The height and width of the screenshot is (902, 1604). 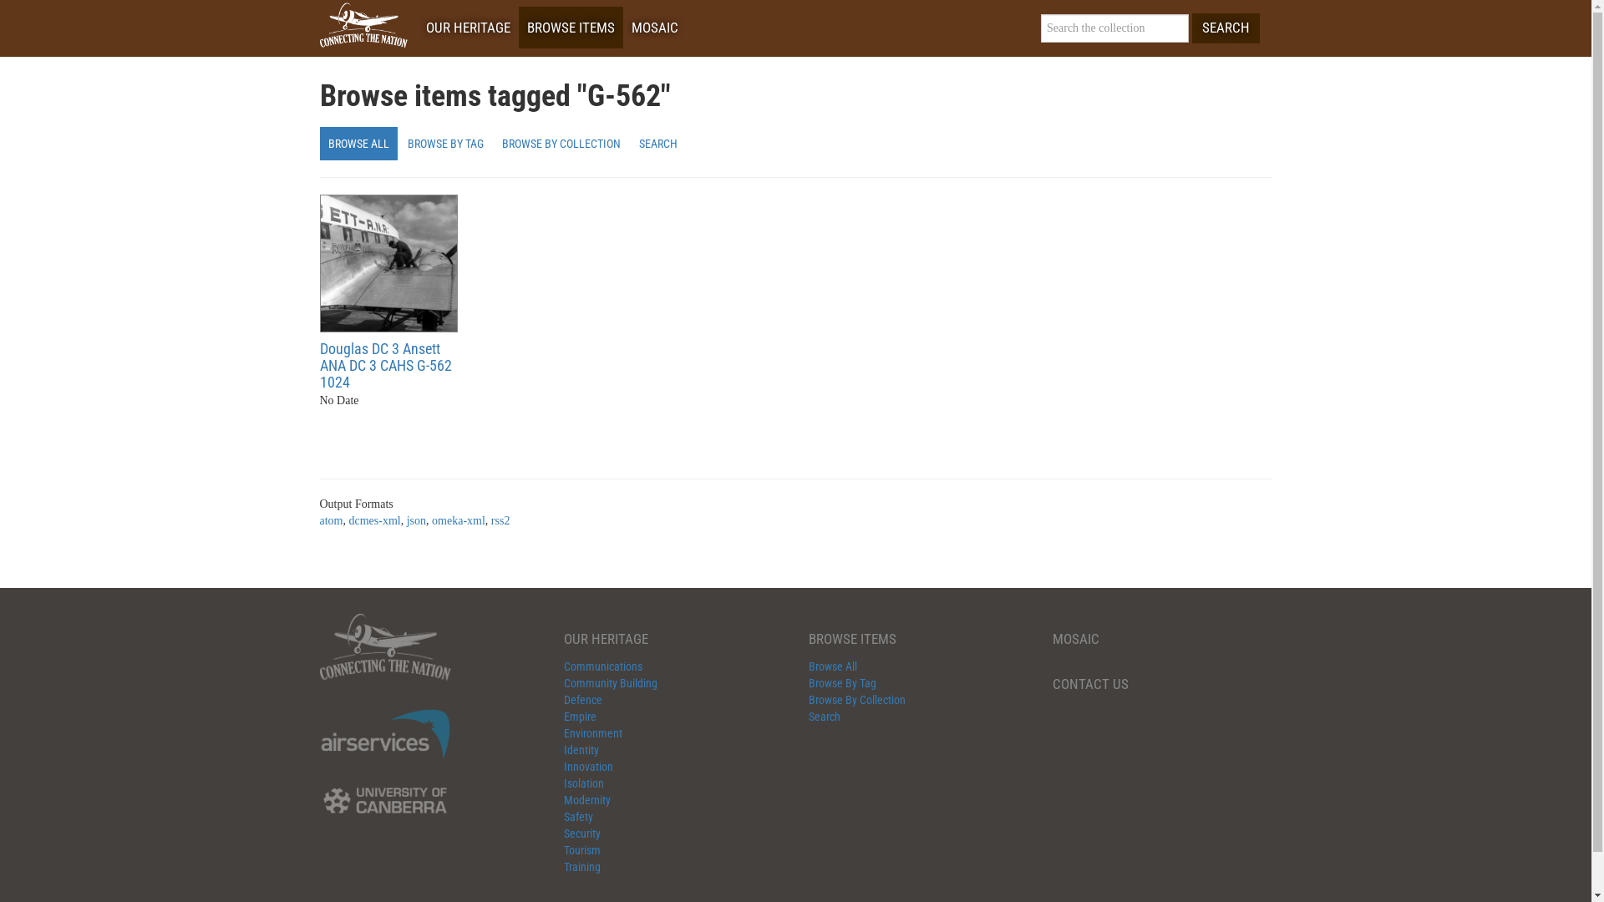 I want to click on 'Identity', so click(x=581, y=749).